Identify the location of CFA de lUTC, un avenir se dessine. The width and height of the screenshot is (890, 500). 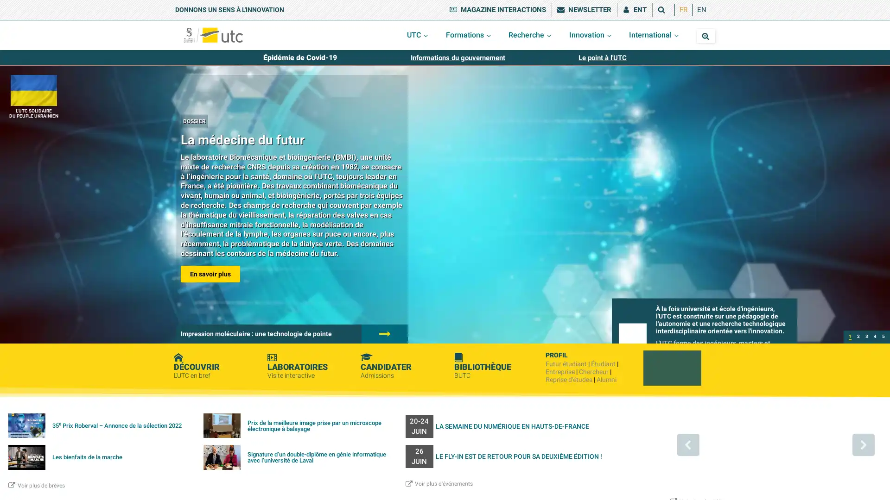
(866, 337).